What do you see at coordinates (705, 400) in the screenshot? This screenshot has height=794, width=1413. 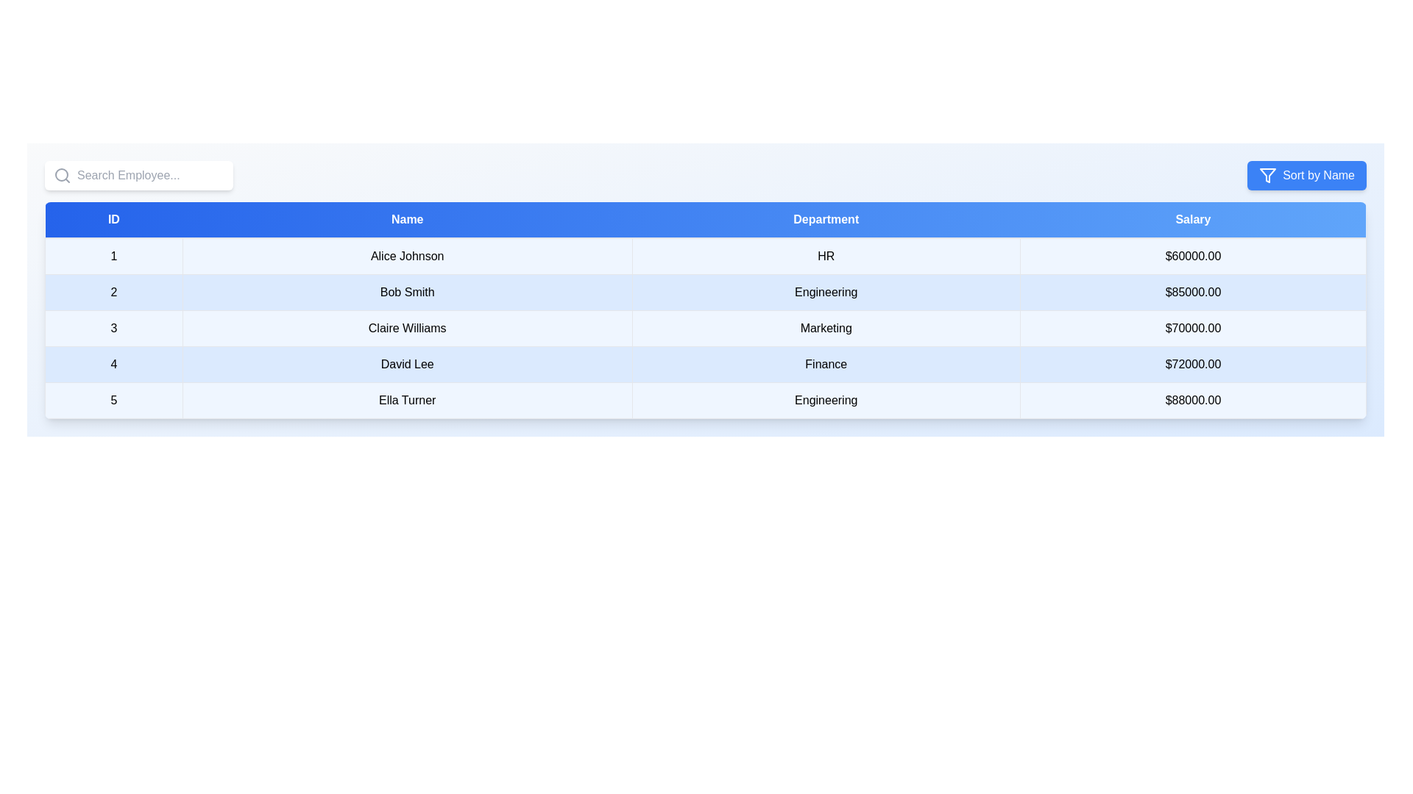 I see `the fifth row of the employee data table displaying details about 'Ella Turner'` at bounding box center [705, 400].